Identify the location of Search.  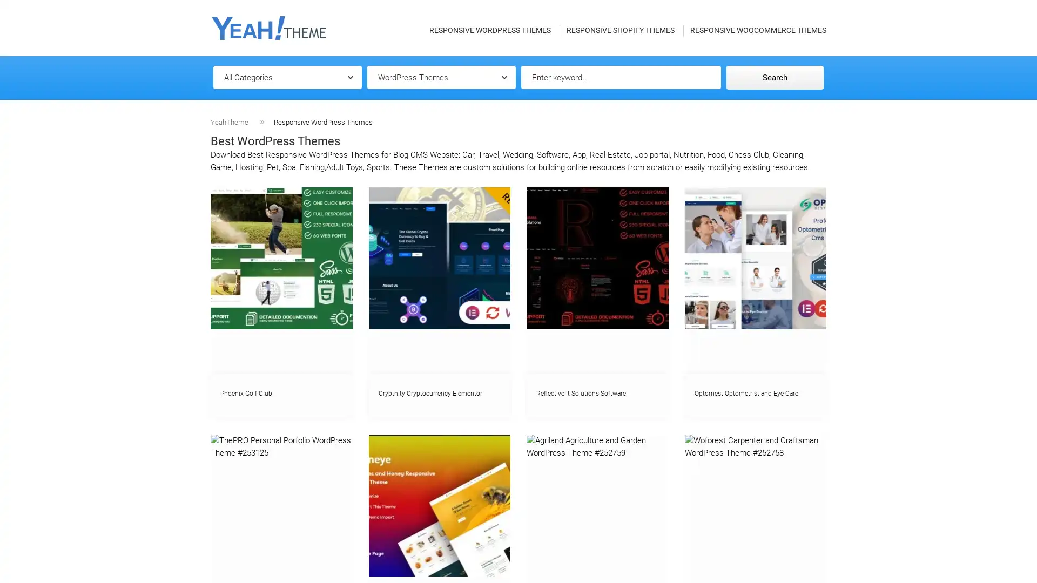
(775, 77).